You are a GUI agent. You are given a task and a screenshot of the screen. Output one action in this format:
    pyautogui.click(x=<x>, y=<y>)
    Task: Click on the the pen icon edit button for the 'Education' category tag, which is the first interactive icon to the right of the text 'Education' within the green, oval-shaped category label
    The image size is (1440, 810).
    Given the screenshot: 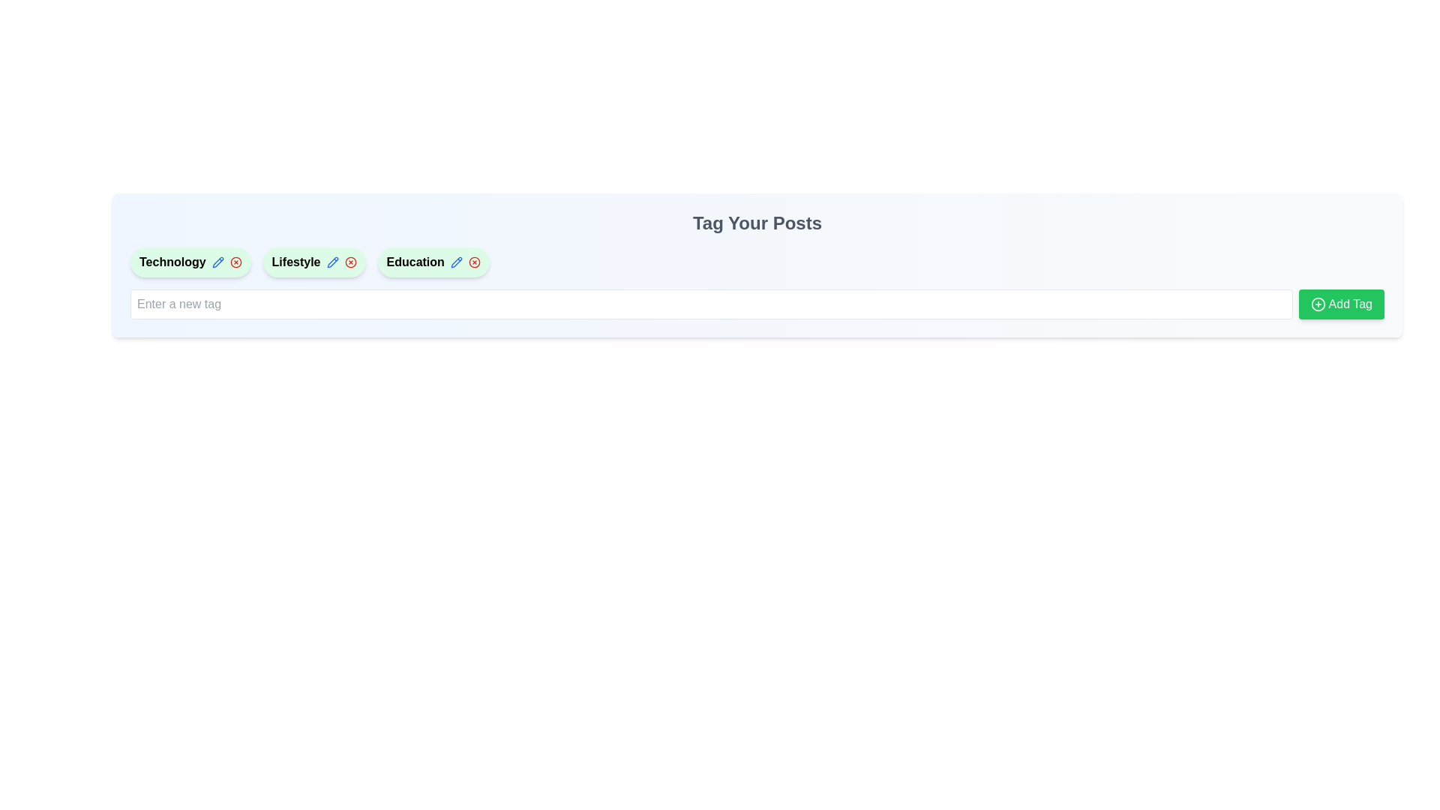 What is the action you would take?
    pyautogui.click(x=455, y=262)
    